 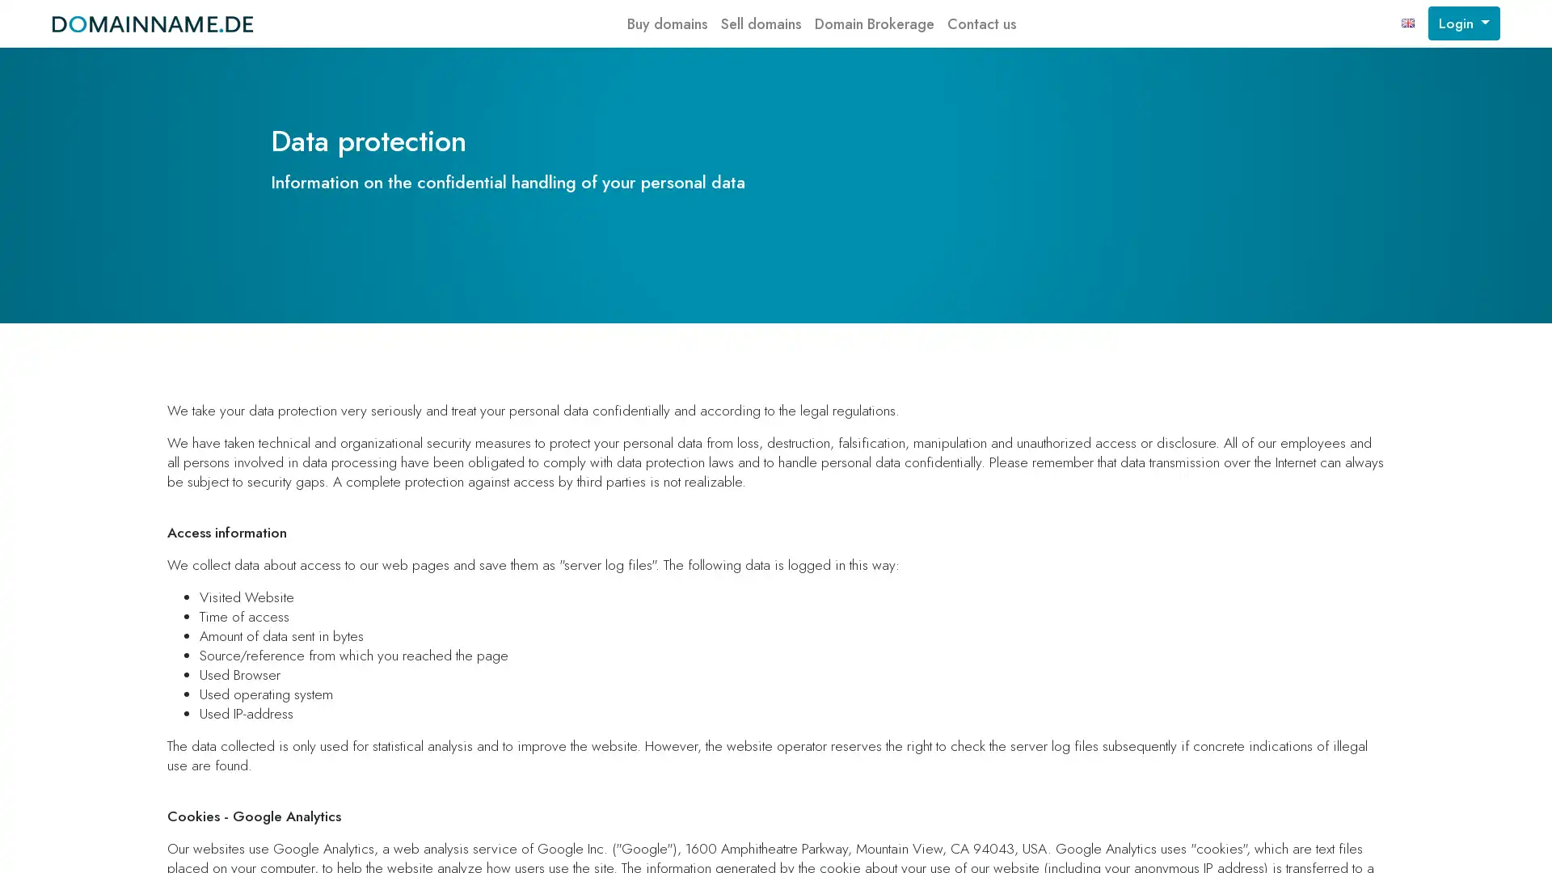 I want to click on Login, so click(x=1463, y=23).